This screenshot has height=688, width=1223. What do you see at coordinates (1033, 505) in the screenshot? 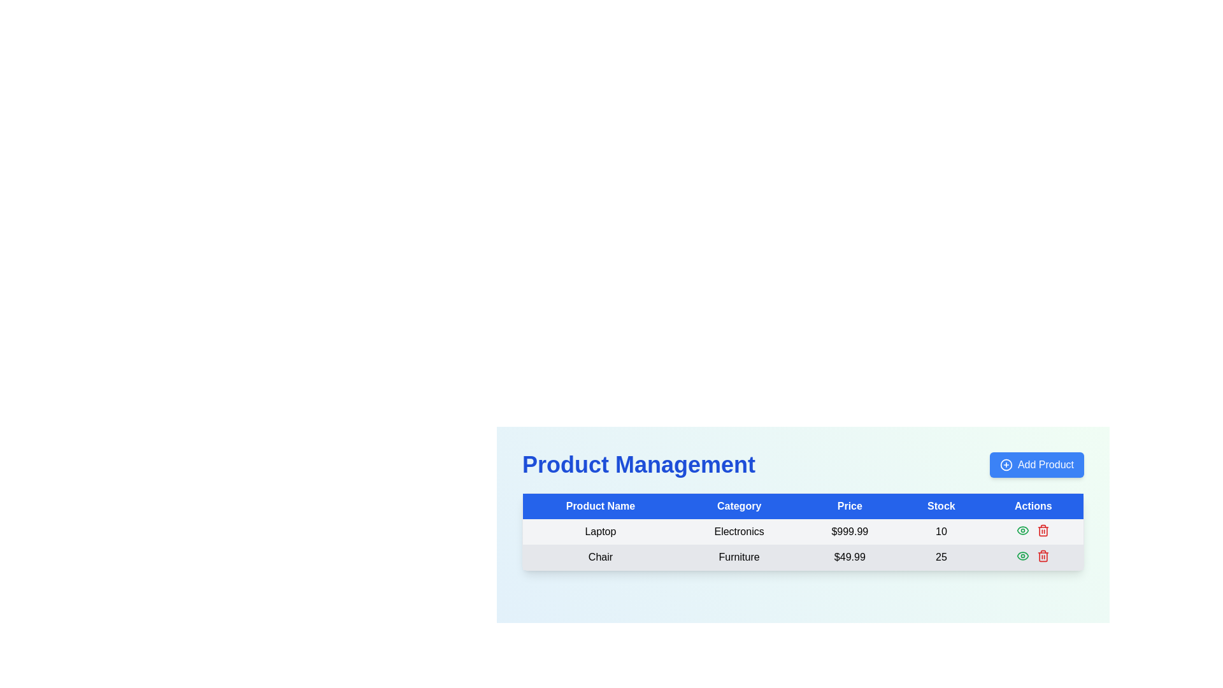
I see `the fifth table header item, which designates the column of actions in the table, located to the right of the 'Stock' column header` at bounding box center [1033, 505].